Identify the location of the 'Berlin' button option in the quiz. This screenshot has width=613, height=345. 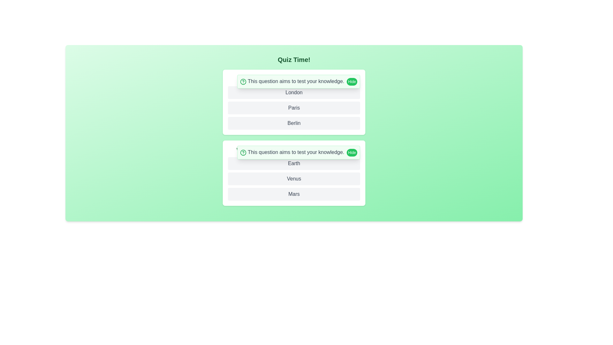
(294, 123).